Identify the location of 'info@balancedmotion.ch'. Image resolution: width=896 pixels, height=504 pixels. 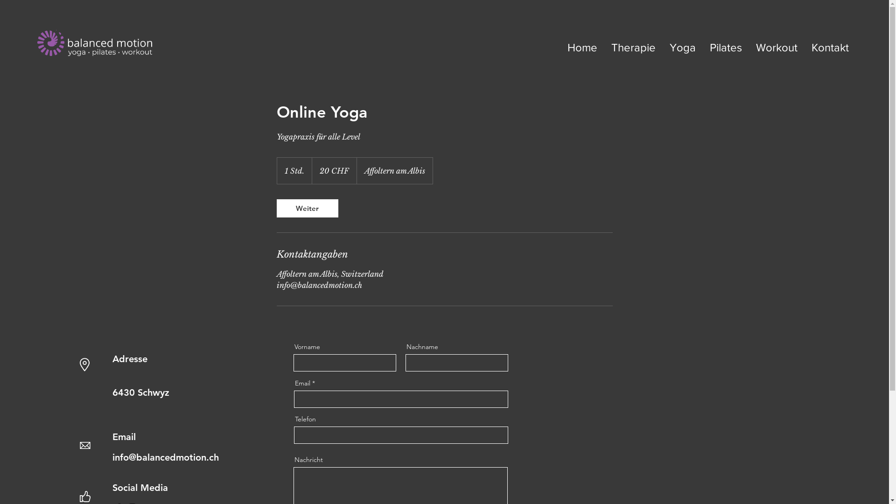
(112, 456).